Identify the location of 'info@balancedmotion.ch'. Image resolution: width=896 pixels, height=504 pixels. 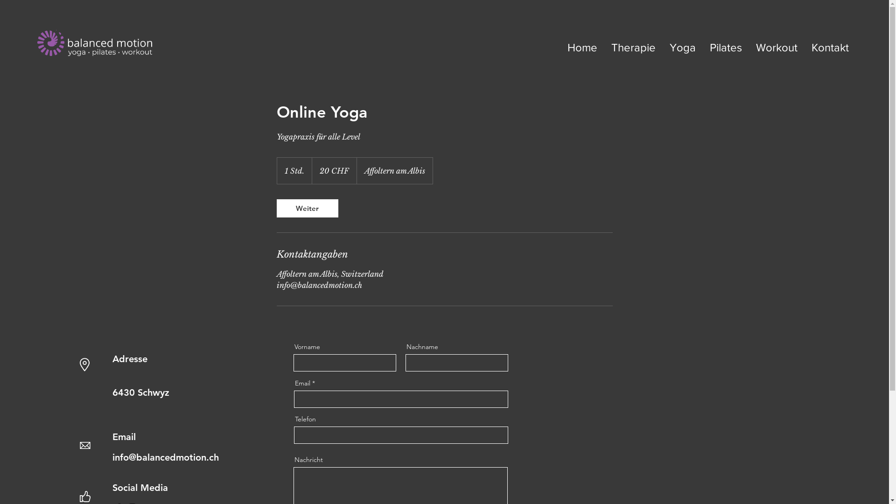
(112, 456).